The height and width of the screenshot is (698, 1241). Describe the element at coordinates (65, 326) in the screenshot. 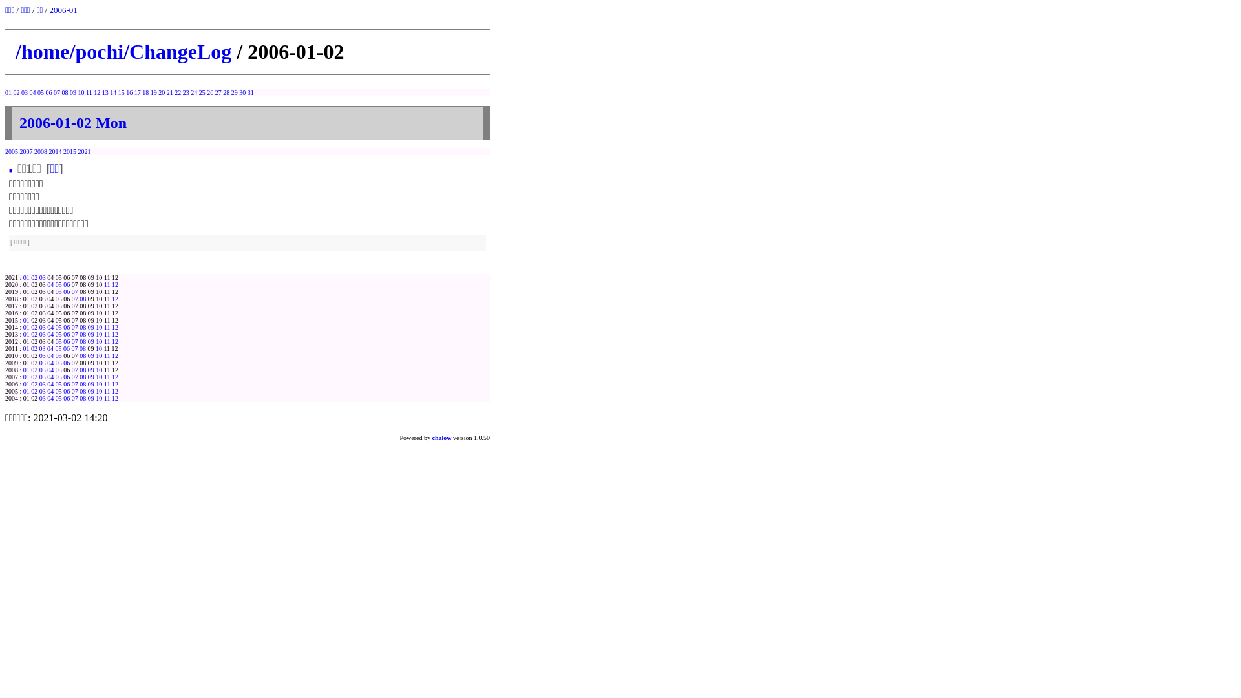

I see `'06'` at that location.